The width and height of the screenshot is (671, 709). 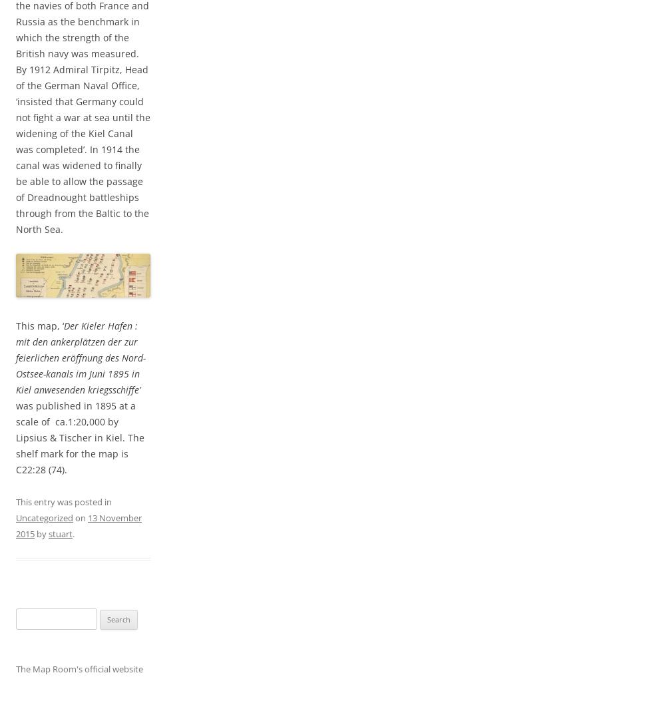 I want to click on '.', so click(x=73, y=534).